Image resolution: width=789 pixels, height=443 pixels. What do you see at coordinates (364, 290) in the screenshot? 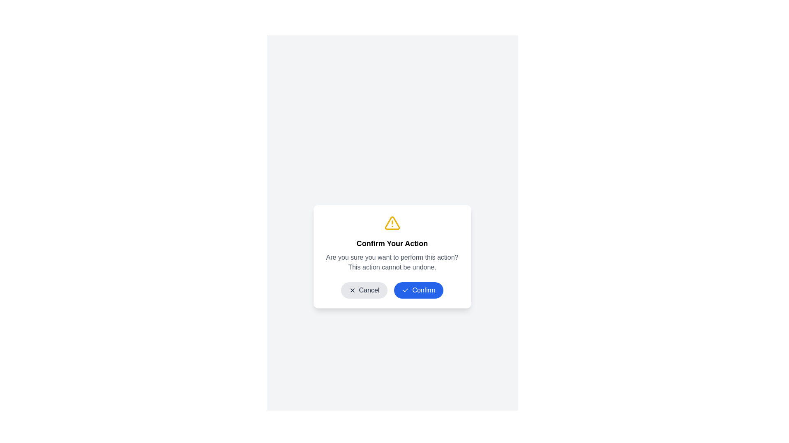
I see `the cancel button located at the bottom left of the button group in the confirmation dialog to observe a color change` at bounding box center [364, 290].